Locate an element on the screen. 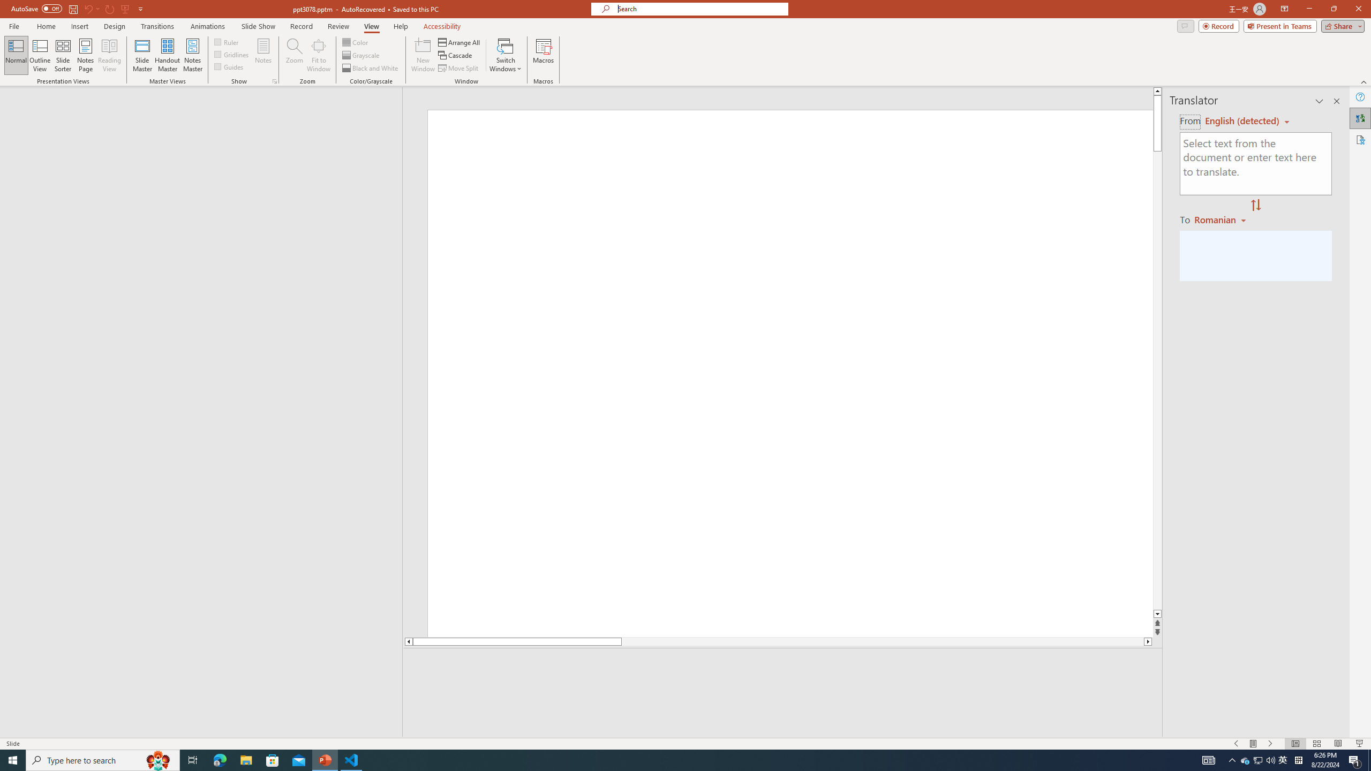  'Arrange All' is located at coordinates (459, 42).